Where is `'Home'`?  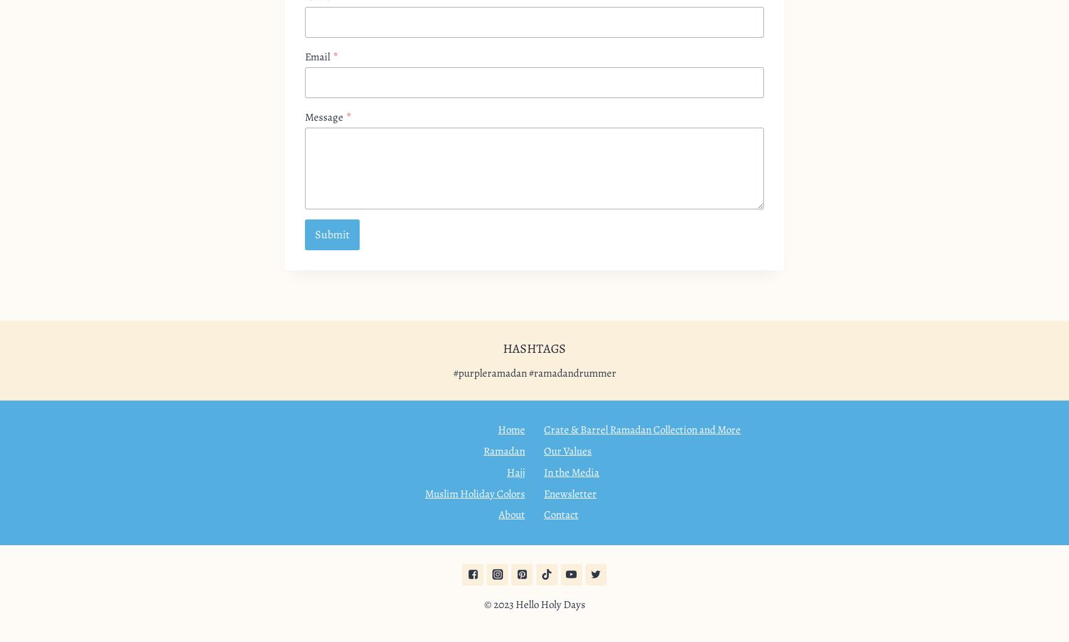
'Home' is located at coordinates (511, 429).